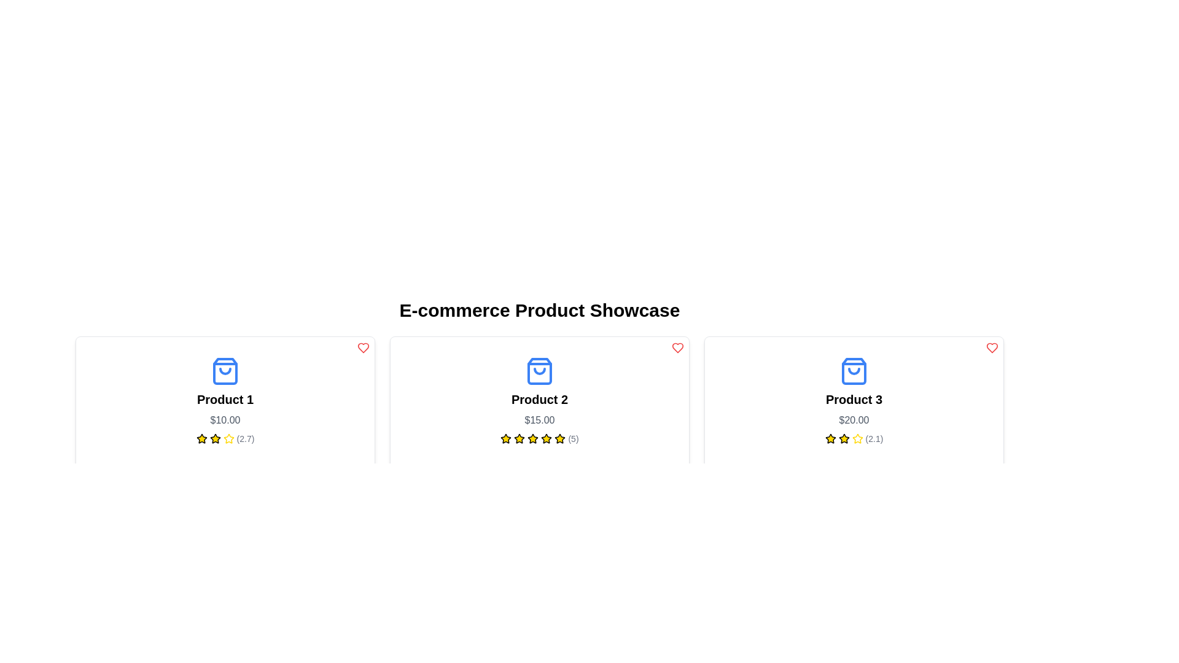  What do you see at coordinates (573, 438) in the screenshot?
I see `the informational text label that indicates the total number of reviews for the associated product, located in the middle product card below the product name and price, and to the right of the five yellow star icons` at bounding box center [573, 438].